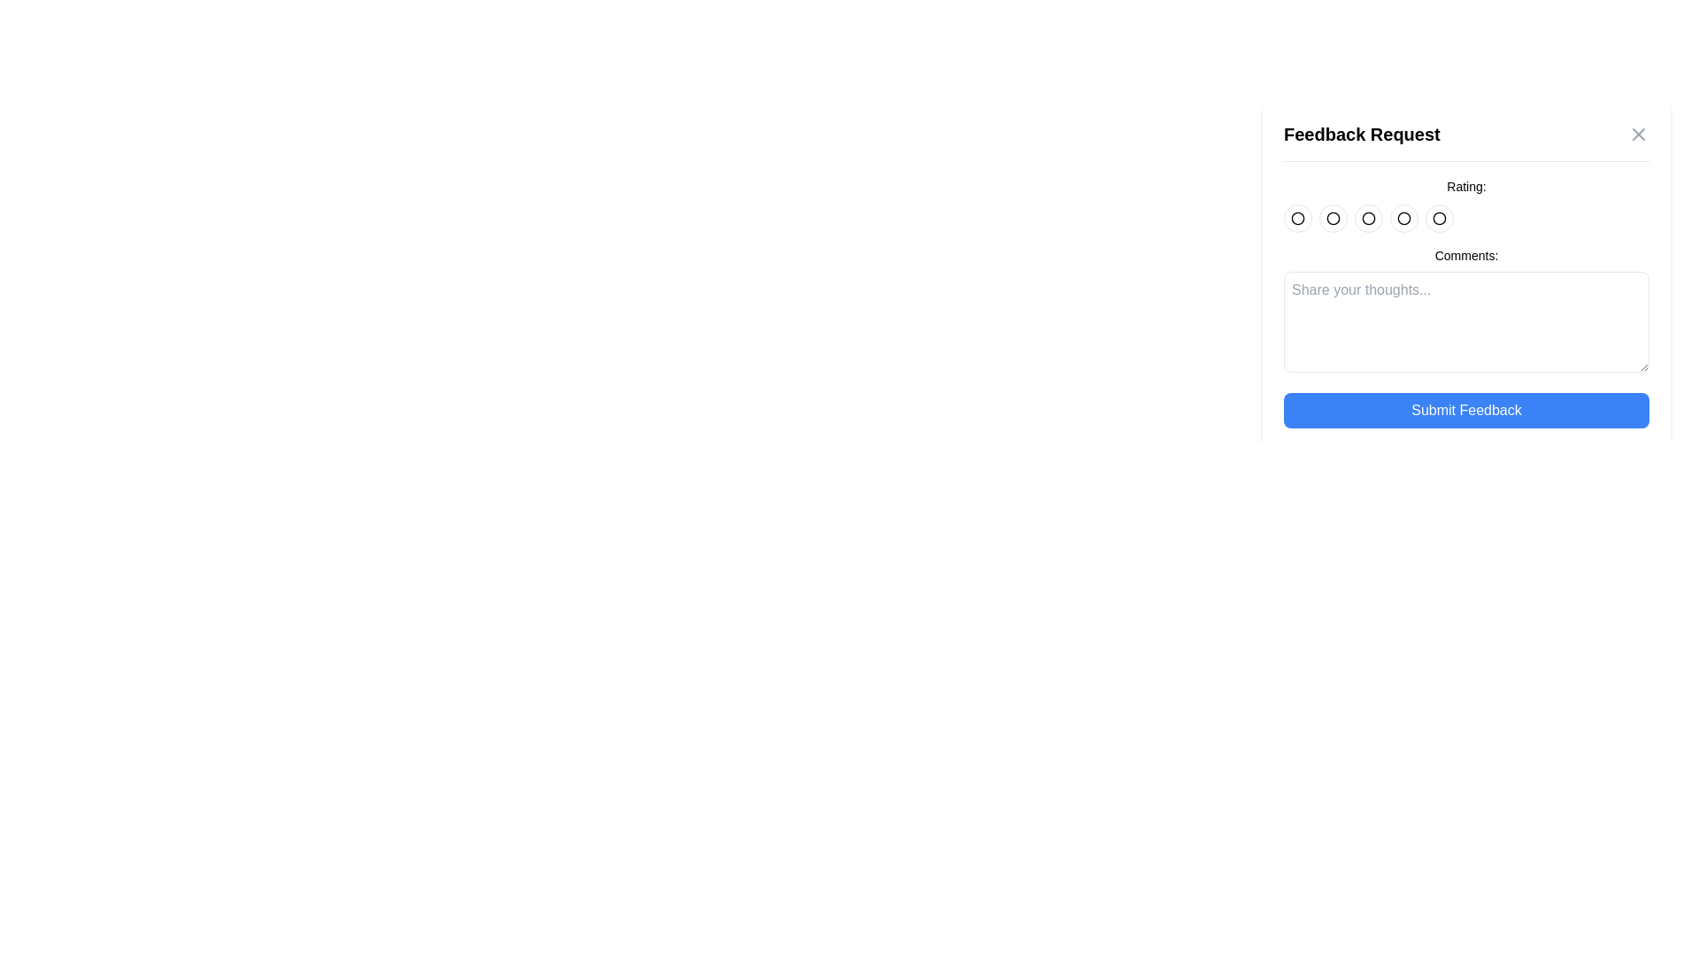 Image resolution: width=1699 pixels, height=956 pixels. I want to click on the fourth radio button in the sequence of five under the 'Rating' label, so click(1367, 217).